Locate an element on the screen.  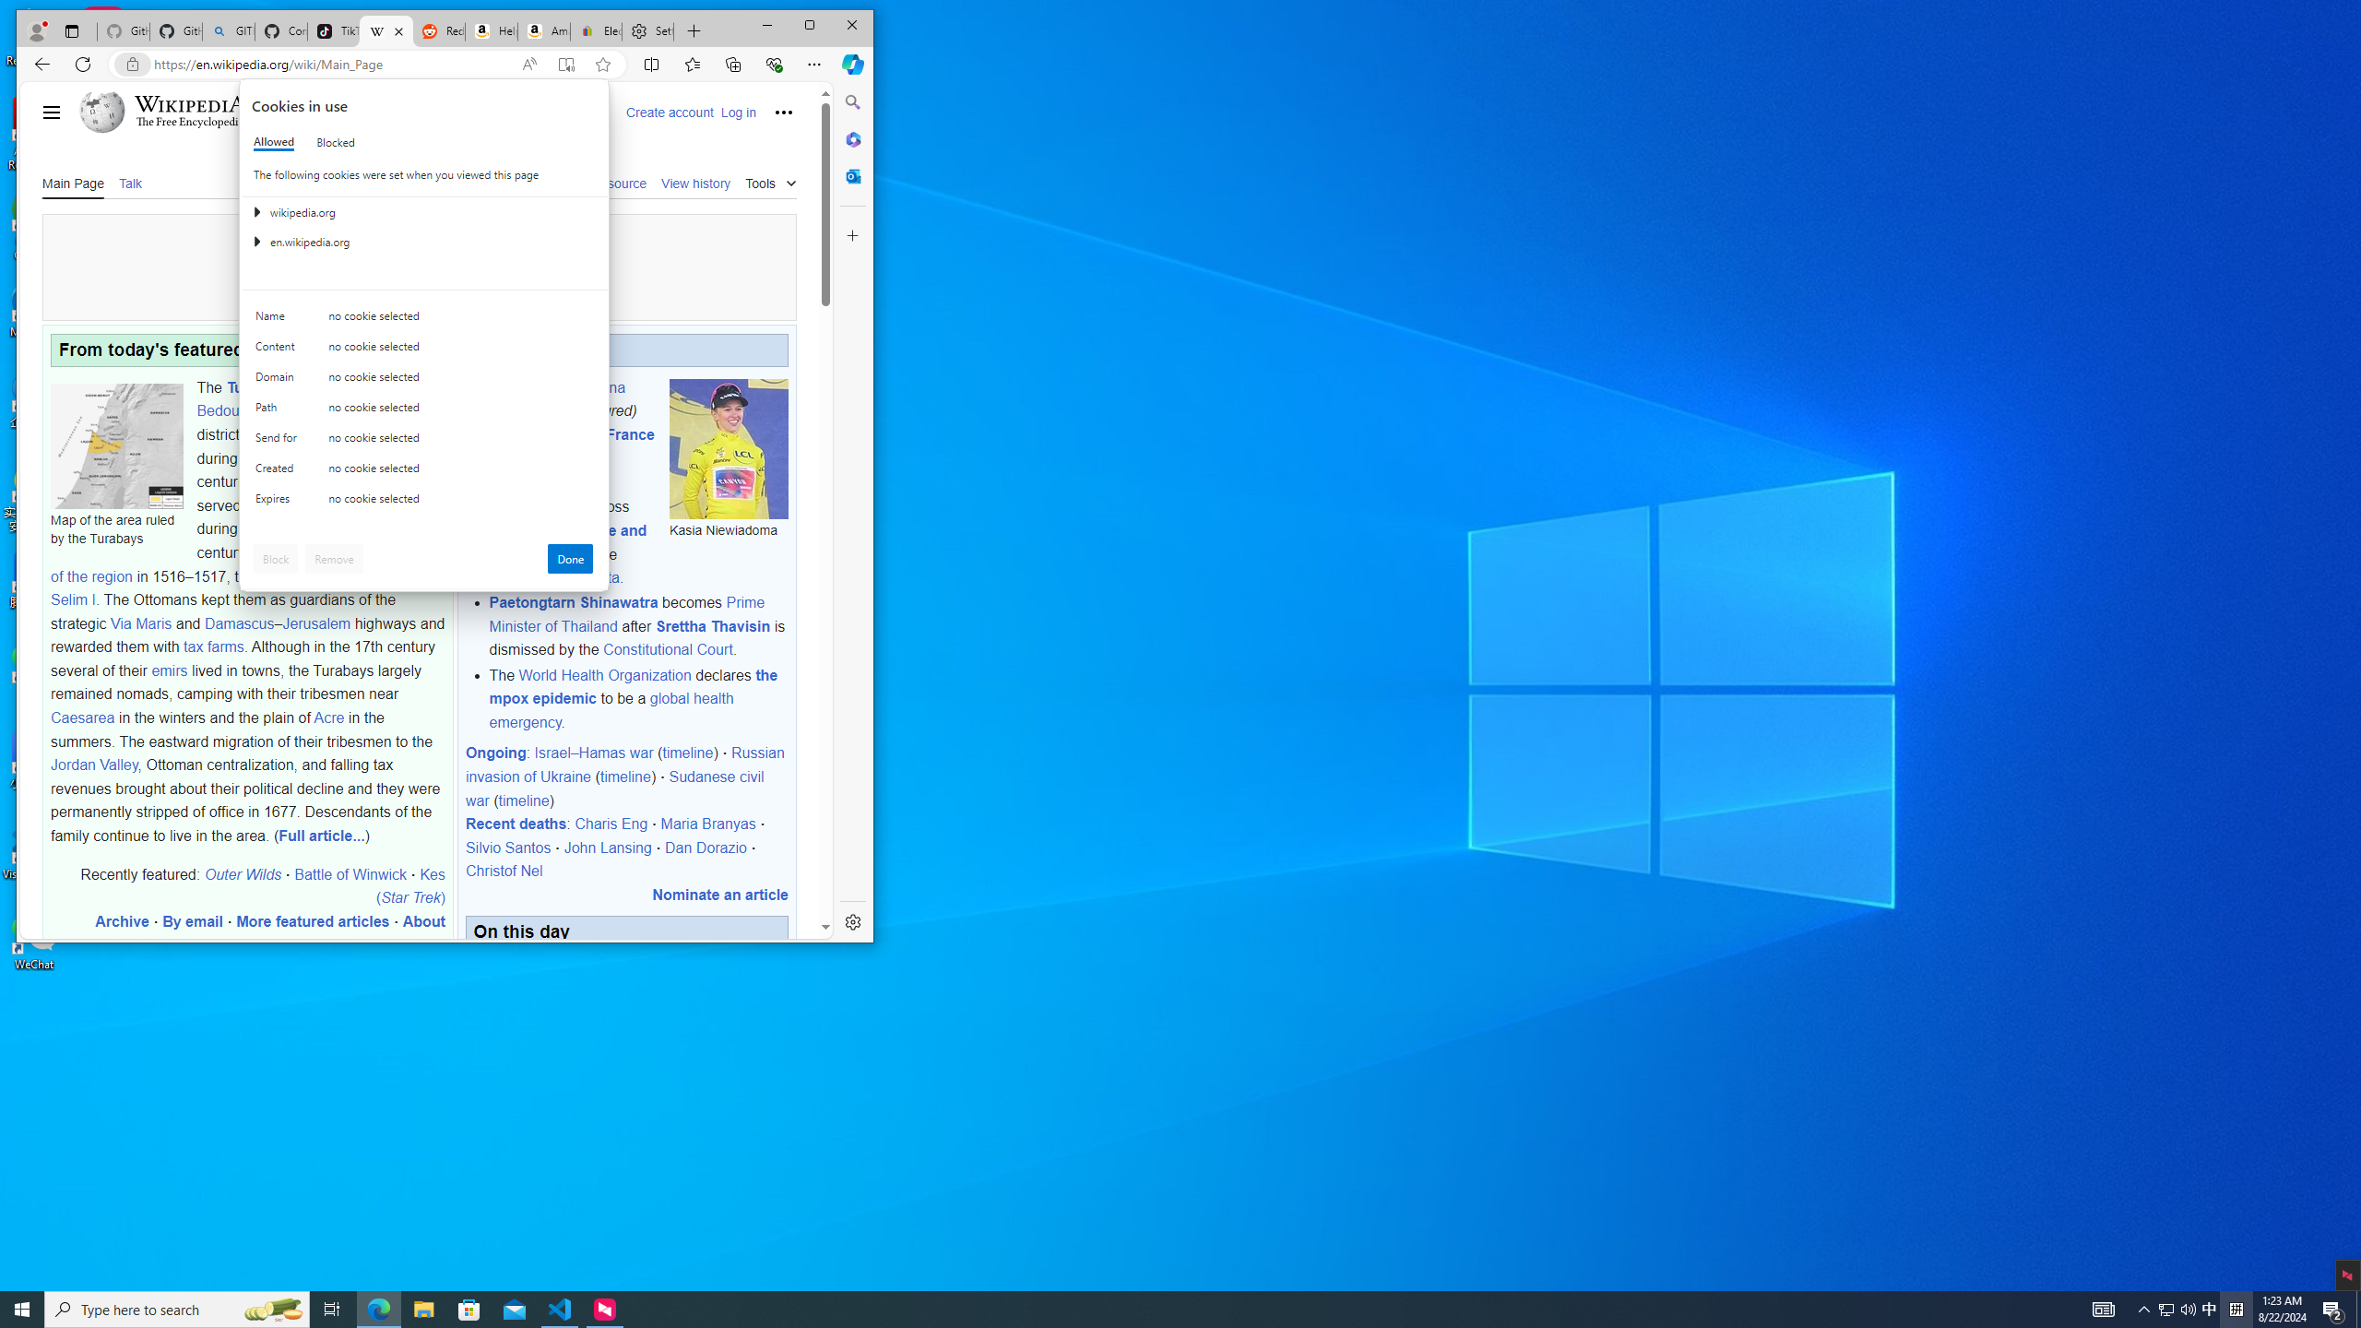
'Tray Input Indicator - Chinese (Simplified, China)' is located at coordinates (2188, 1308).